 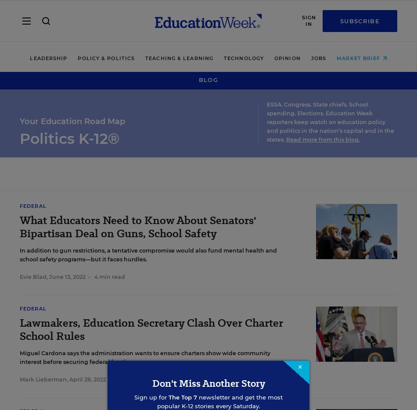 What do you see at coordinates (63, 289) in the screenshot?
I see `'Events and Webinars'` at bounding box center [63, 289].